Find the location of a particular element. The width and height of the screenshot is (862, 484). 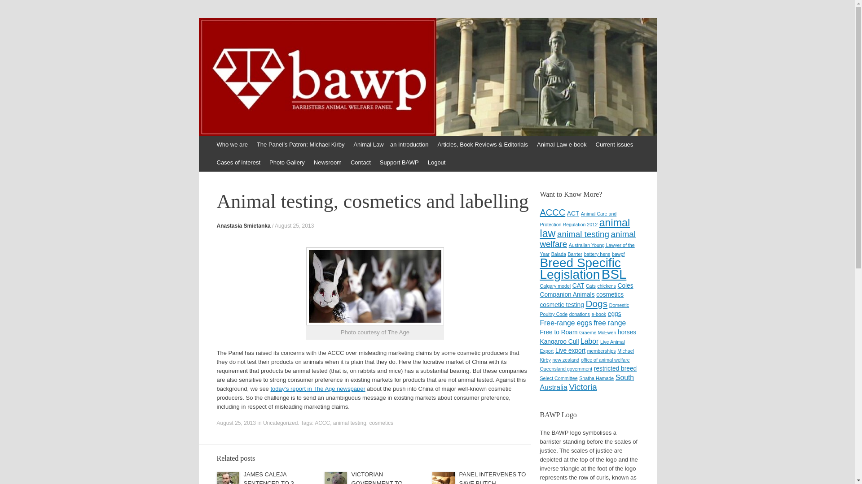

'Labor' is located at coordinates (589, 341).